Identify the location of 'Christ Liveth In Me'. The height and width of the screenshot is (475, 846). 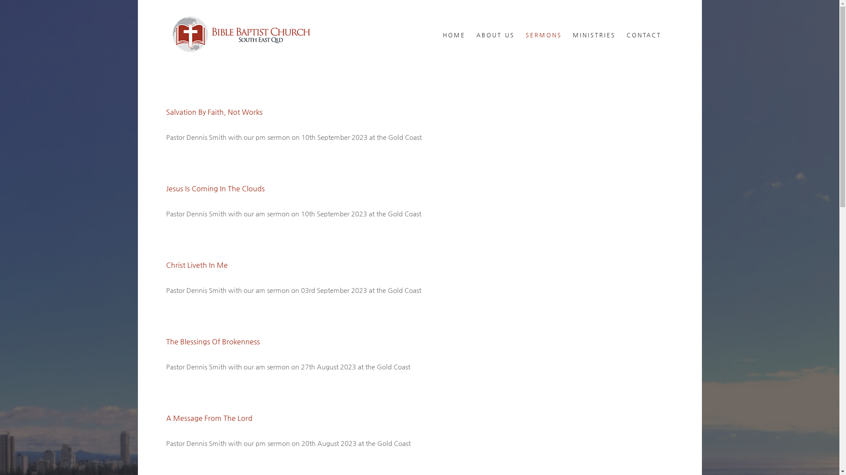
(196, 264).